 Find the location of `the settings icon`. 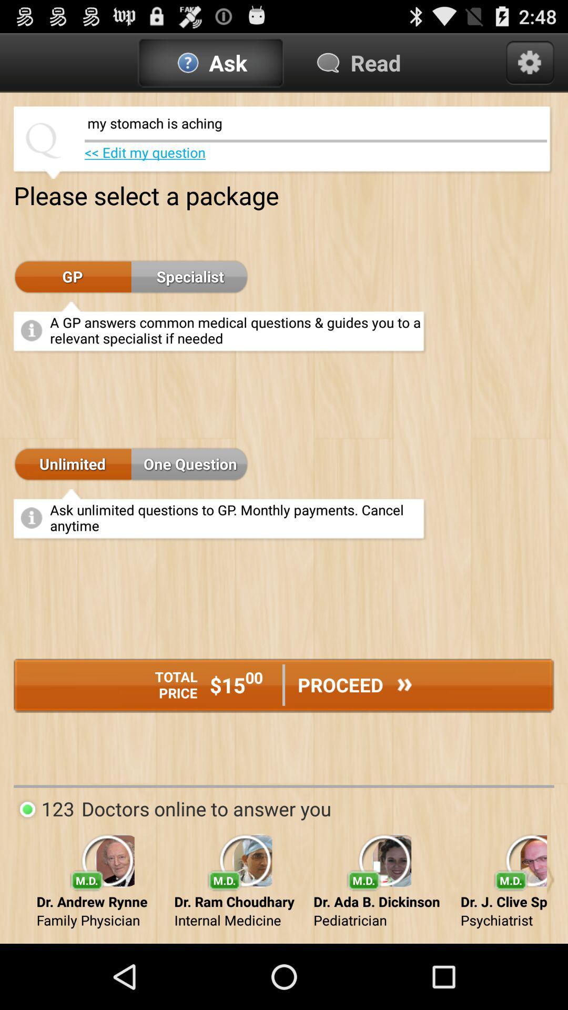

the settings icon is located at coordinates (530, 66).